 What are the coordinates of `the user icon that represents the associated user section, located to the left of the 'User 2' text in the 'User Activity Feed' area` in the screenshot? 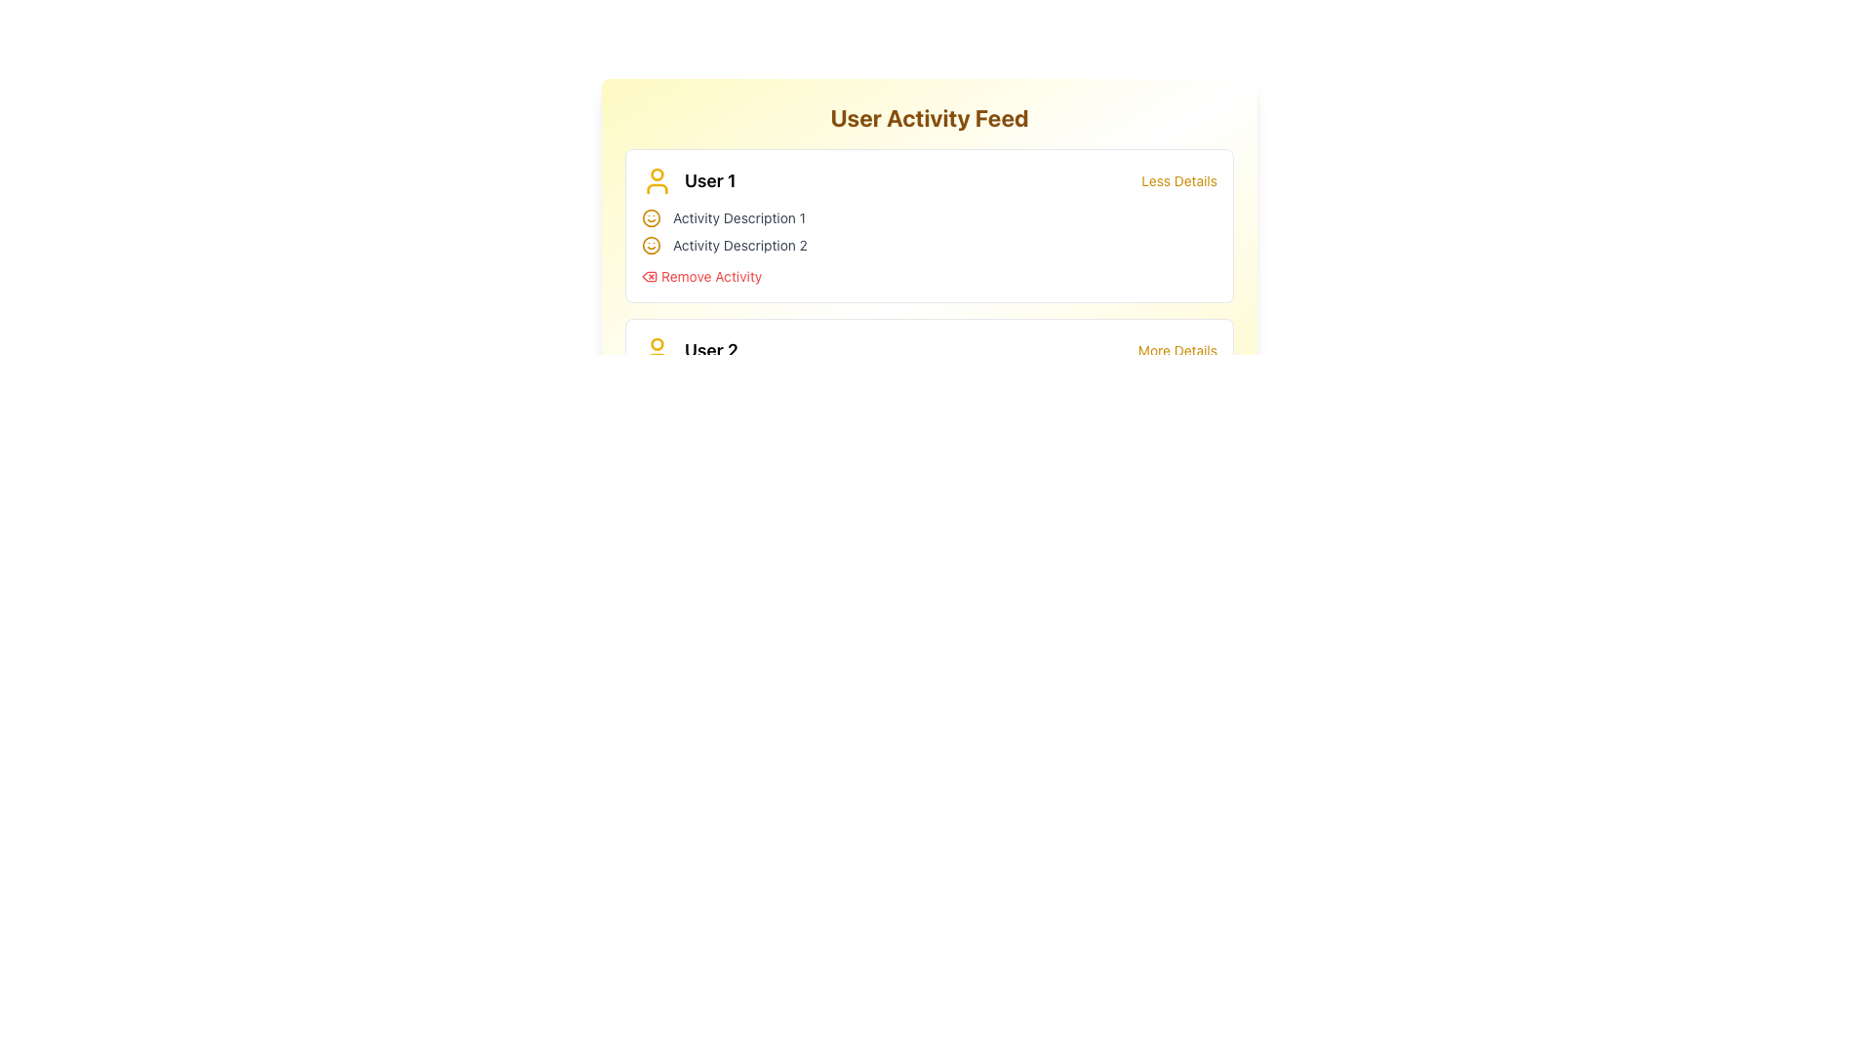 It's located at (657, 349).